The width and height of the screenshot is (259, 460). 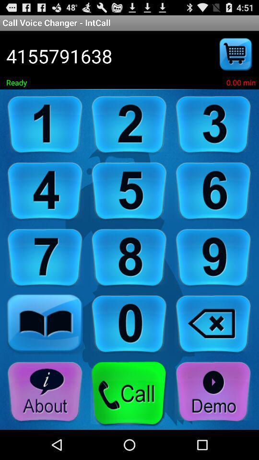 I want to click on number 8, so click(x=129, y=257).